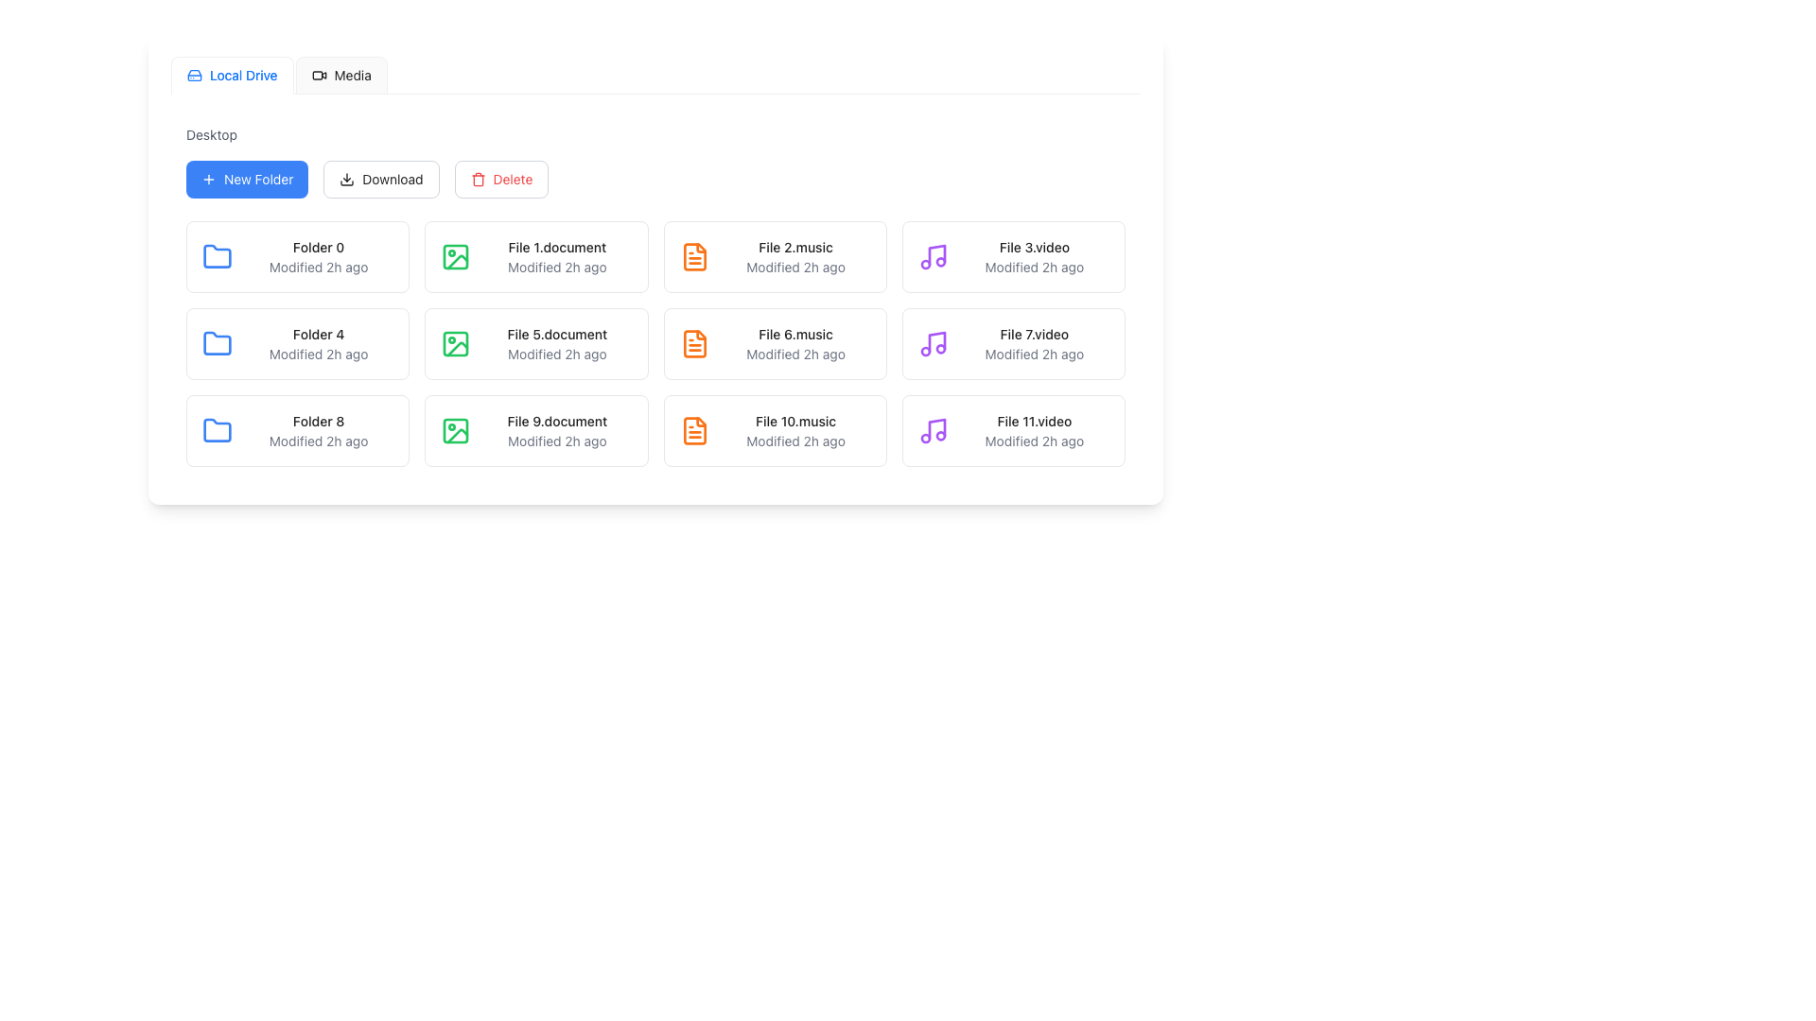 This screenshot has width=1816, height=1021. What do you see at coordinates (556, 257) in the screenshot?
I see `the text label that displays the name and modification timestamp of a specific file, located in the second column of the first row in the grid layout, directly to the right of 'Folder 0'` at bounding box center [556, 257].